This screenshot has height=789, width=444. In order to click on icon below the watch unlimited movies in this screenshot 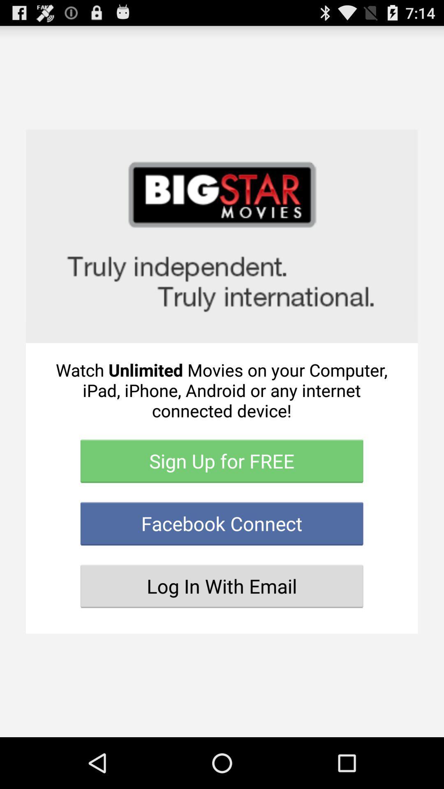, I will do `click(221, 461)`.